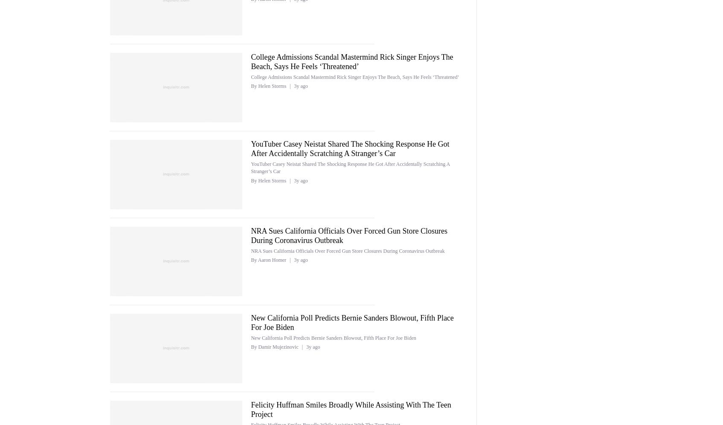  What do you see at coordinates (250, 259) in the screenshot?
I see `'By Aaron Homer'` at bounding box center [250, 259].